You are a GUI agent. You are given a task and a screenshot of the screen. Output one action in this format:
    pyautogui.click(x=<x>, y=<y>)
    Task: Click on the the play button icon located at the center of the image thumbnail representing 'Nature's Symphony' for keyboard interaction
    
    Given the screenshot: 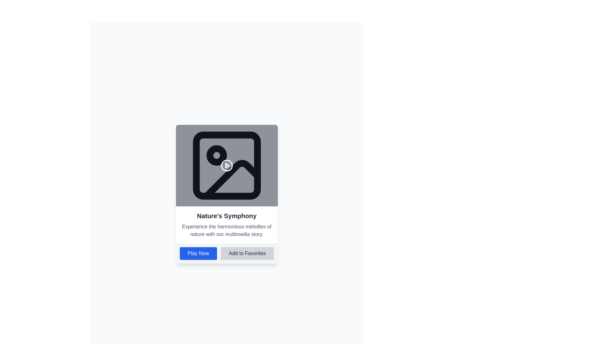 What is the action you would take?
    pyautogui.click(x=227, y=165)
    